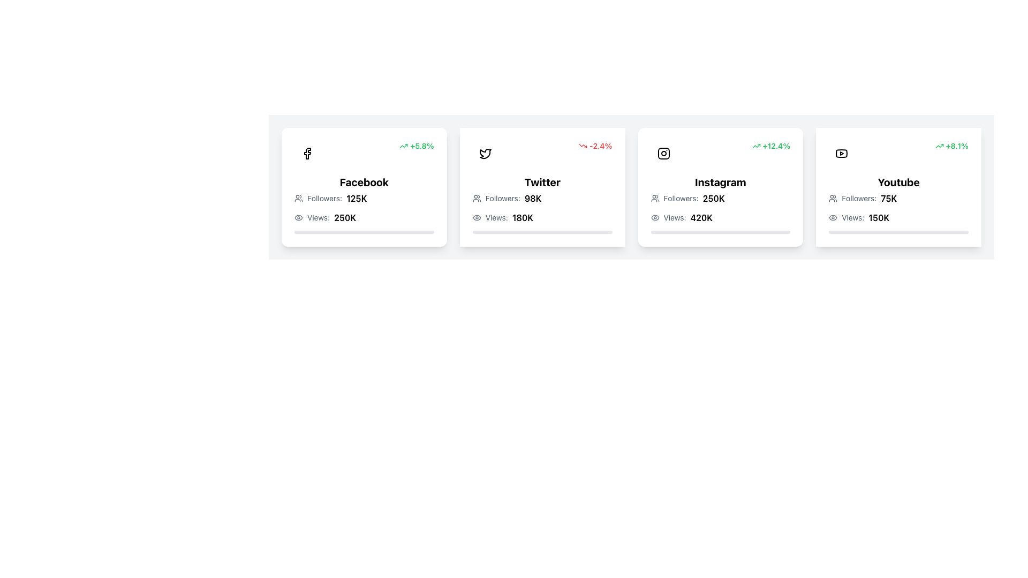 Image resolution: width=1028 pixels, height=578 pixels. Describe the element at coordinates (898, 187) in the screenshot. I see `the Information Card, which is the fourth card on the right in a horizontally aligned grid` at that location.